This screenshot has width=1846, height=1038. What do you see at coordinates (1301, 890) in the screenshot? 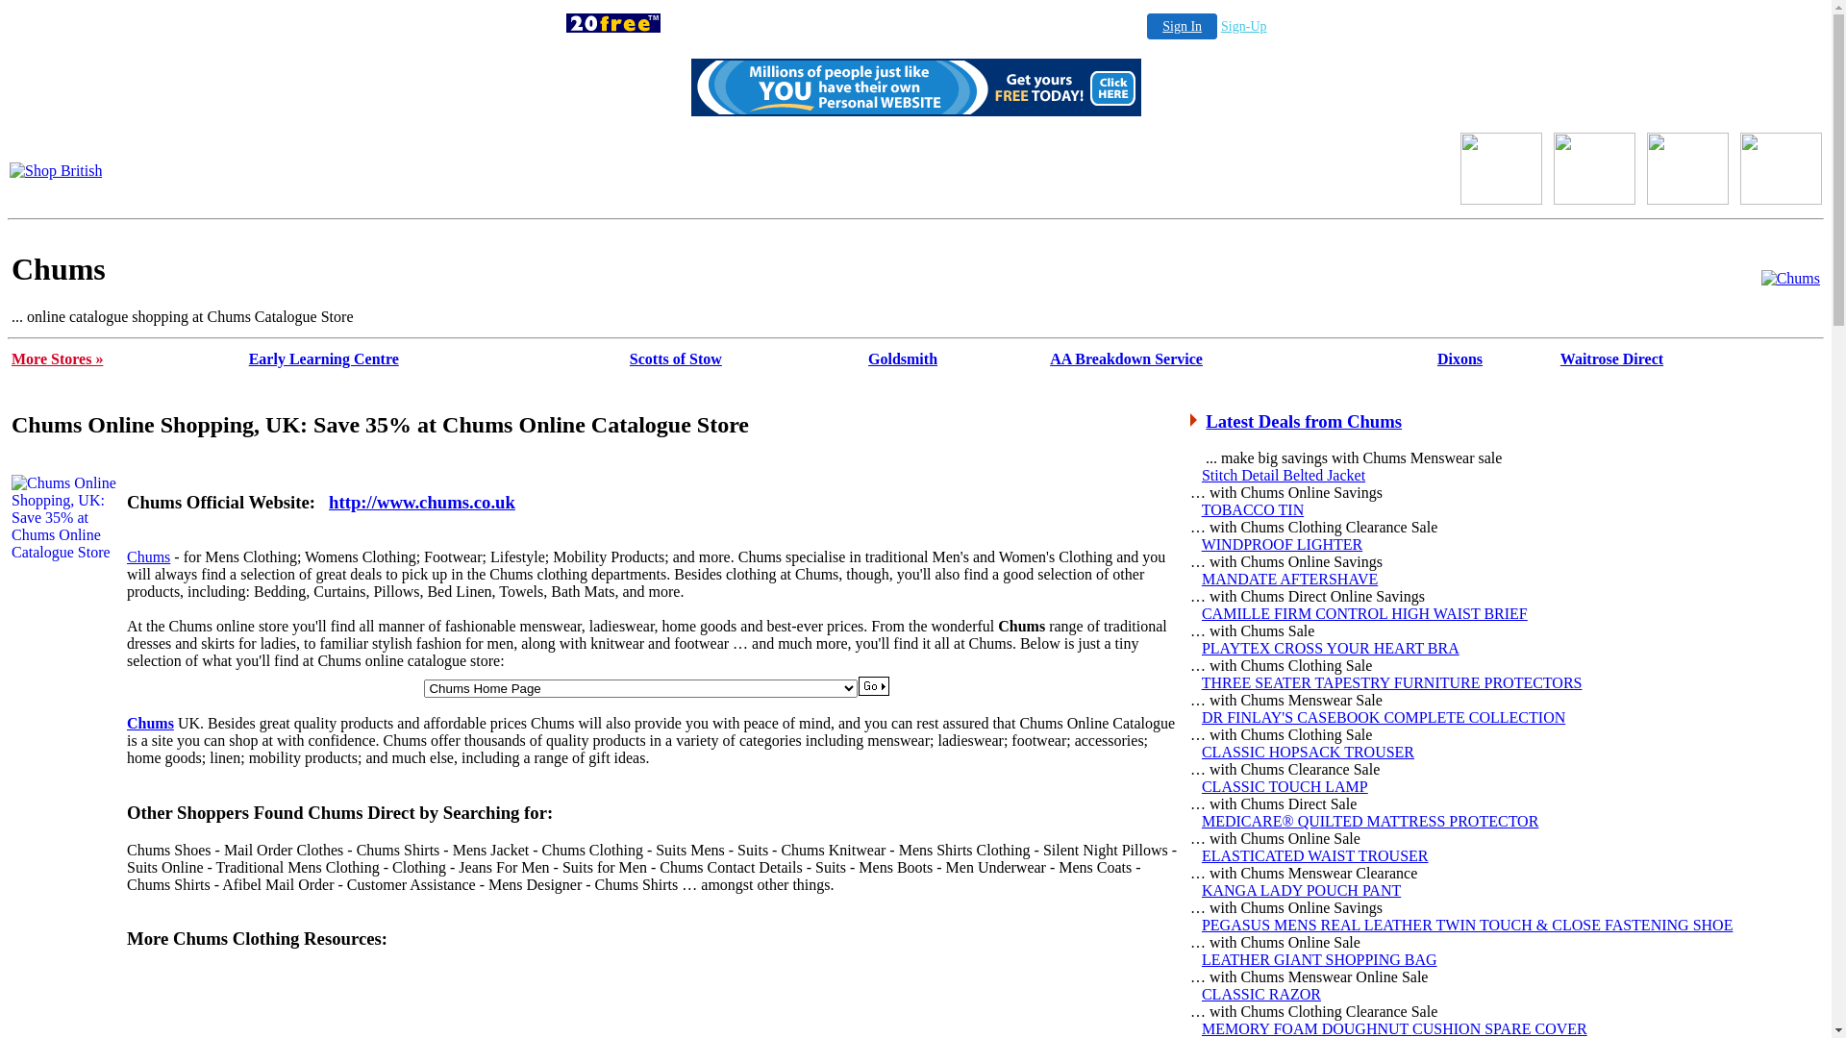
I see `'KANGA LADY POUCH PANT'` at bounding box center [1301, 890].